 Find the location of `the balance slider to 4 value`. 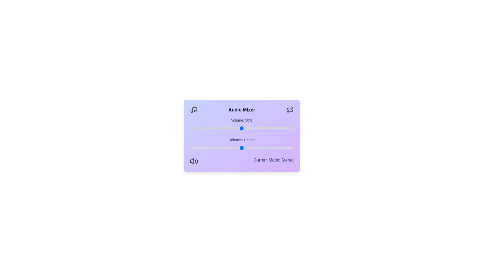

the balance slider to 4 value is located at coordinates (246, 148).